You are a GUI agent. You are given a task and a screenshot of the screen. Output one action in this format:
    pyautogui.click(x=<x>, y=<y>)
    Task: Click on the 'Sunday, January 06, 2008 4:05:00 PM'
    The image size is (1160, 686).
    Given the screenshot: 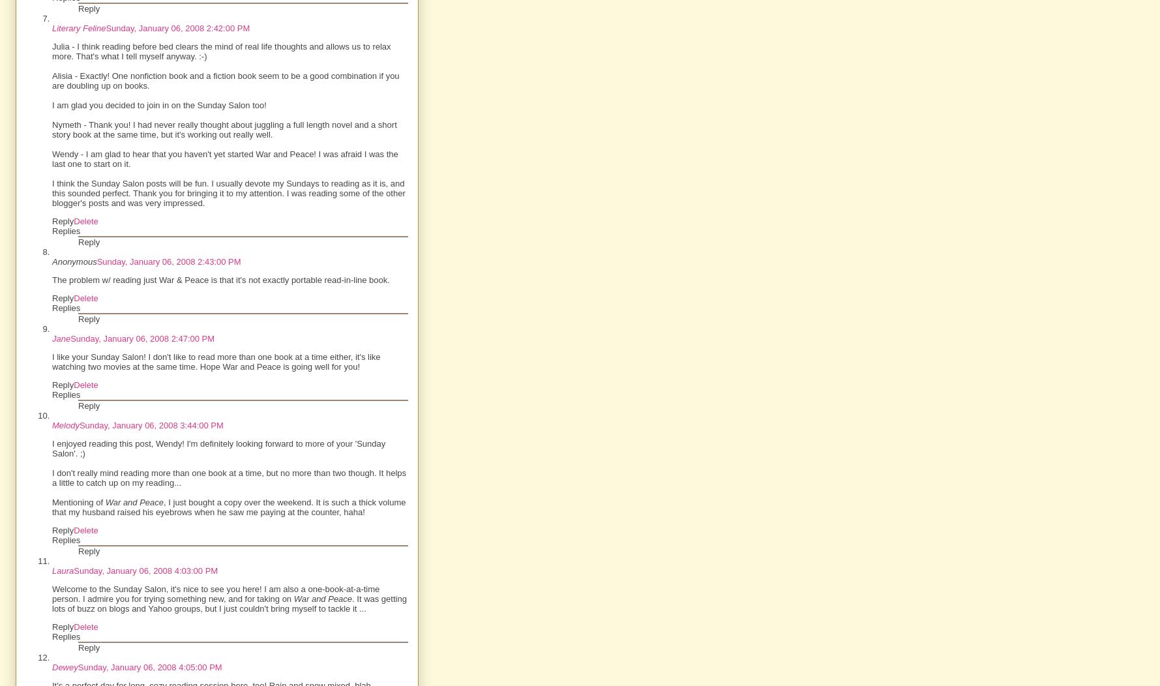 What is the action you would take?
    pyautogui.click(x=149, y=666)
    